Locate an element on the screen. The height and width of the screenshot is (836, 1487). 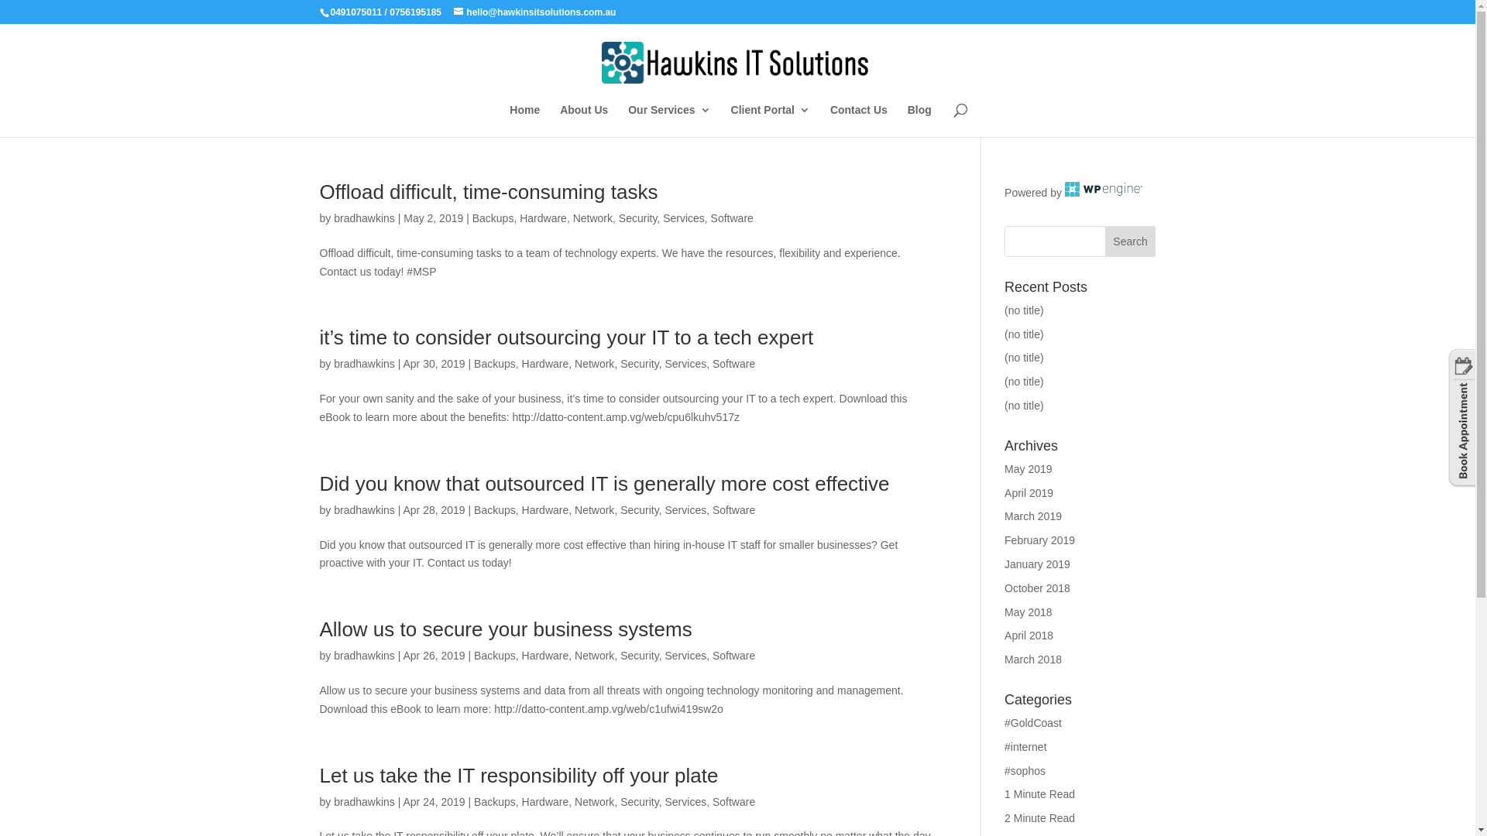
'1 Minute Read' is located at coordinates (1039, 794).